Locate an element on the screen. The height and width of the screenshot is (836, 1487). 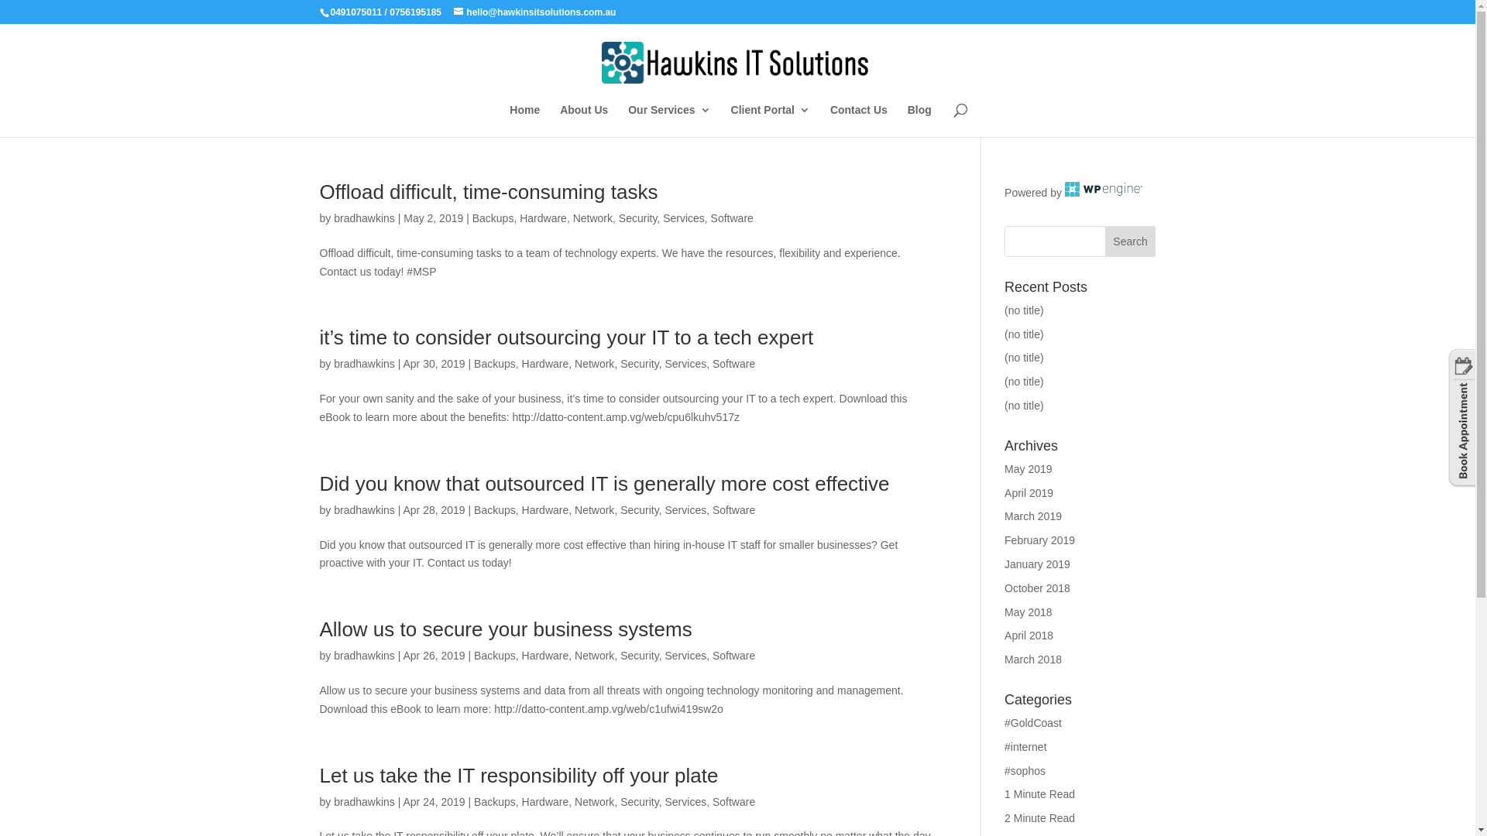
'1 Minute Read' is located at coordinates (1039, 794).